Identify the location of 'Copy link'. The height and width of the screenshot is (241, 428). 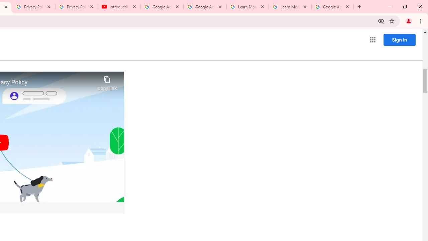
(107, 81).